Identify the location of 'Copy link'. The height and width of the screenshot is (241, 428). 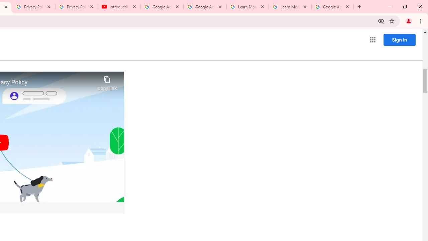
(107, 81).